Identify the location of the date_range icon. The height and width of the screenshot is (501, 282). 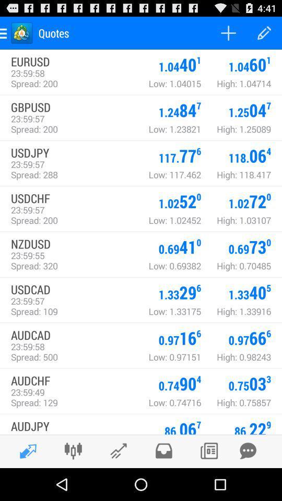
(209, 482).